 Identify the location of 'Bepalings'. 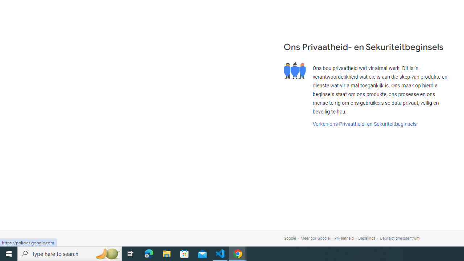
(366, 238).